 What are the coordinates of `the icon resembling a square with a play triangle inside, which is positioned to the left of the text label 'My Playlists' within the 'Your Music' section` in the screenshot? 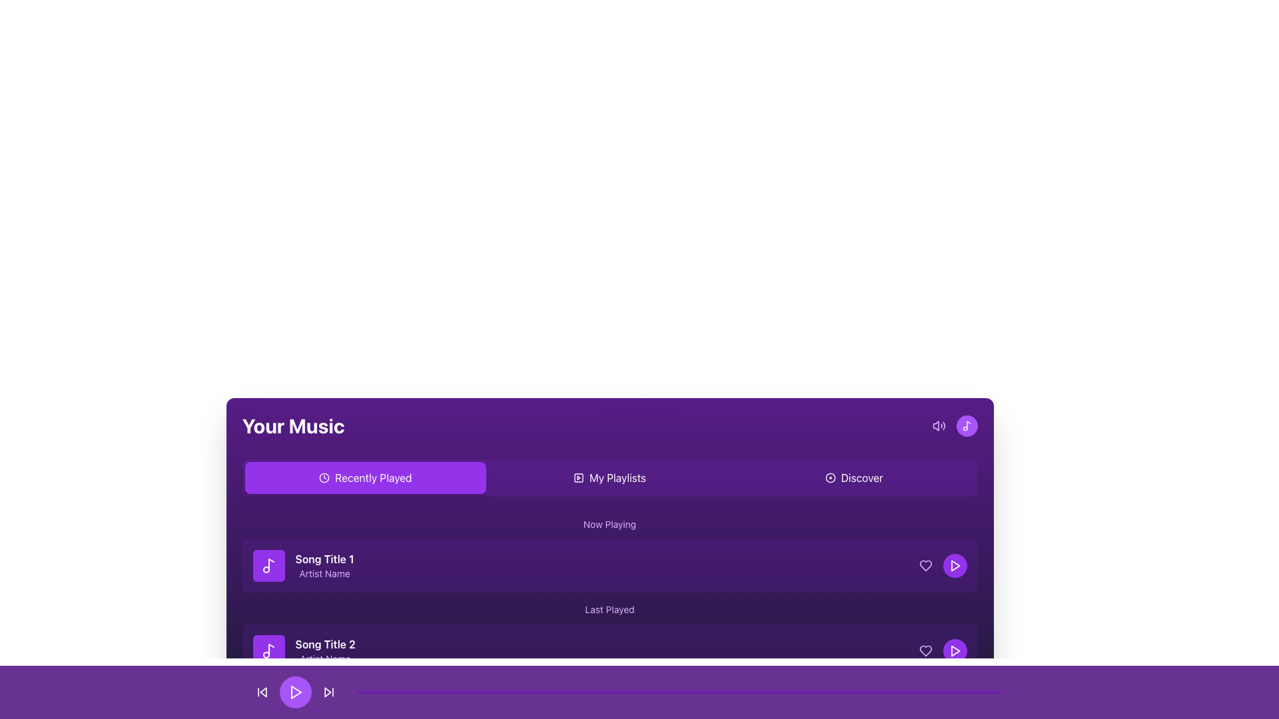 It's located at (578, 477).